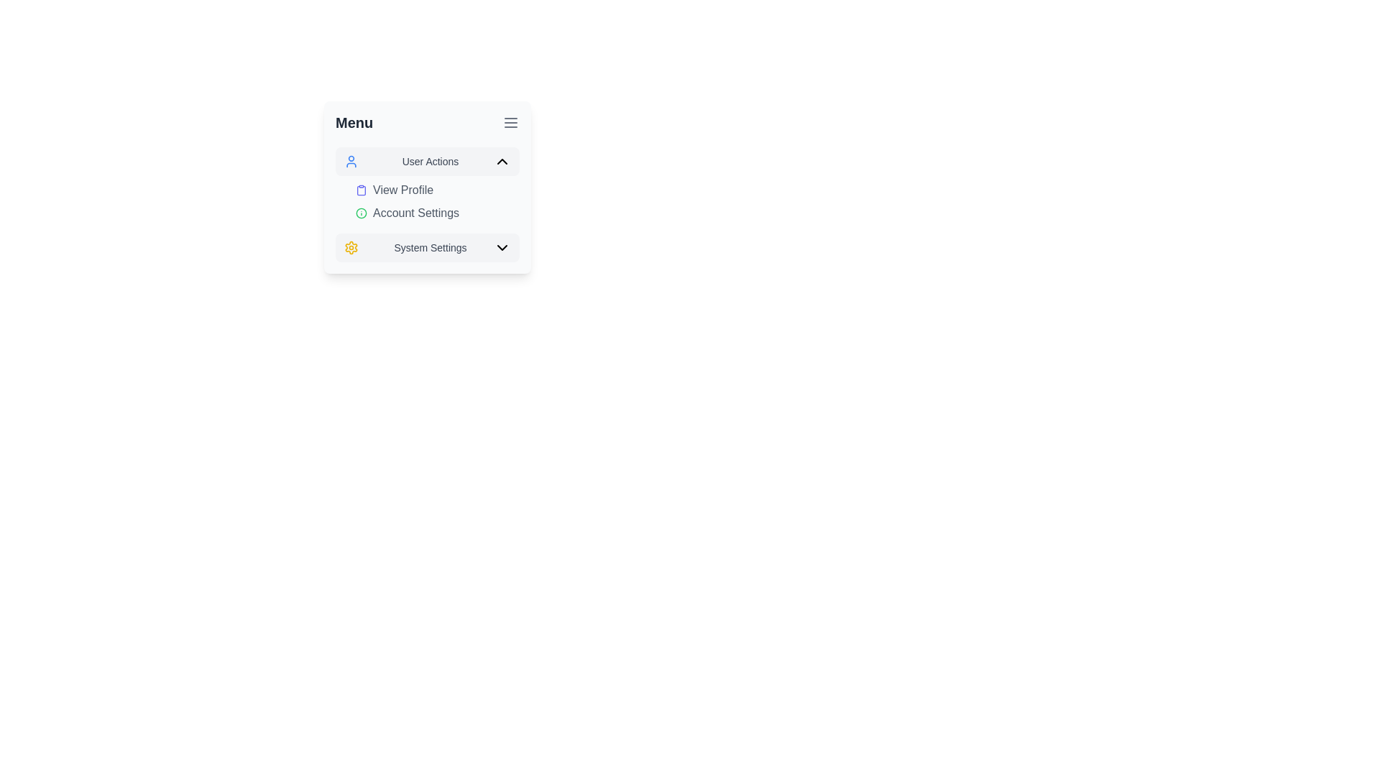 The width and height of the screenshot is (1380, 776). I want to click on the system settings button located at the bottom of the menu list, so click(427, 246).